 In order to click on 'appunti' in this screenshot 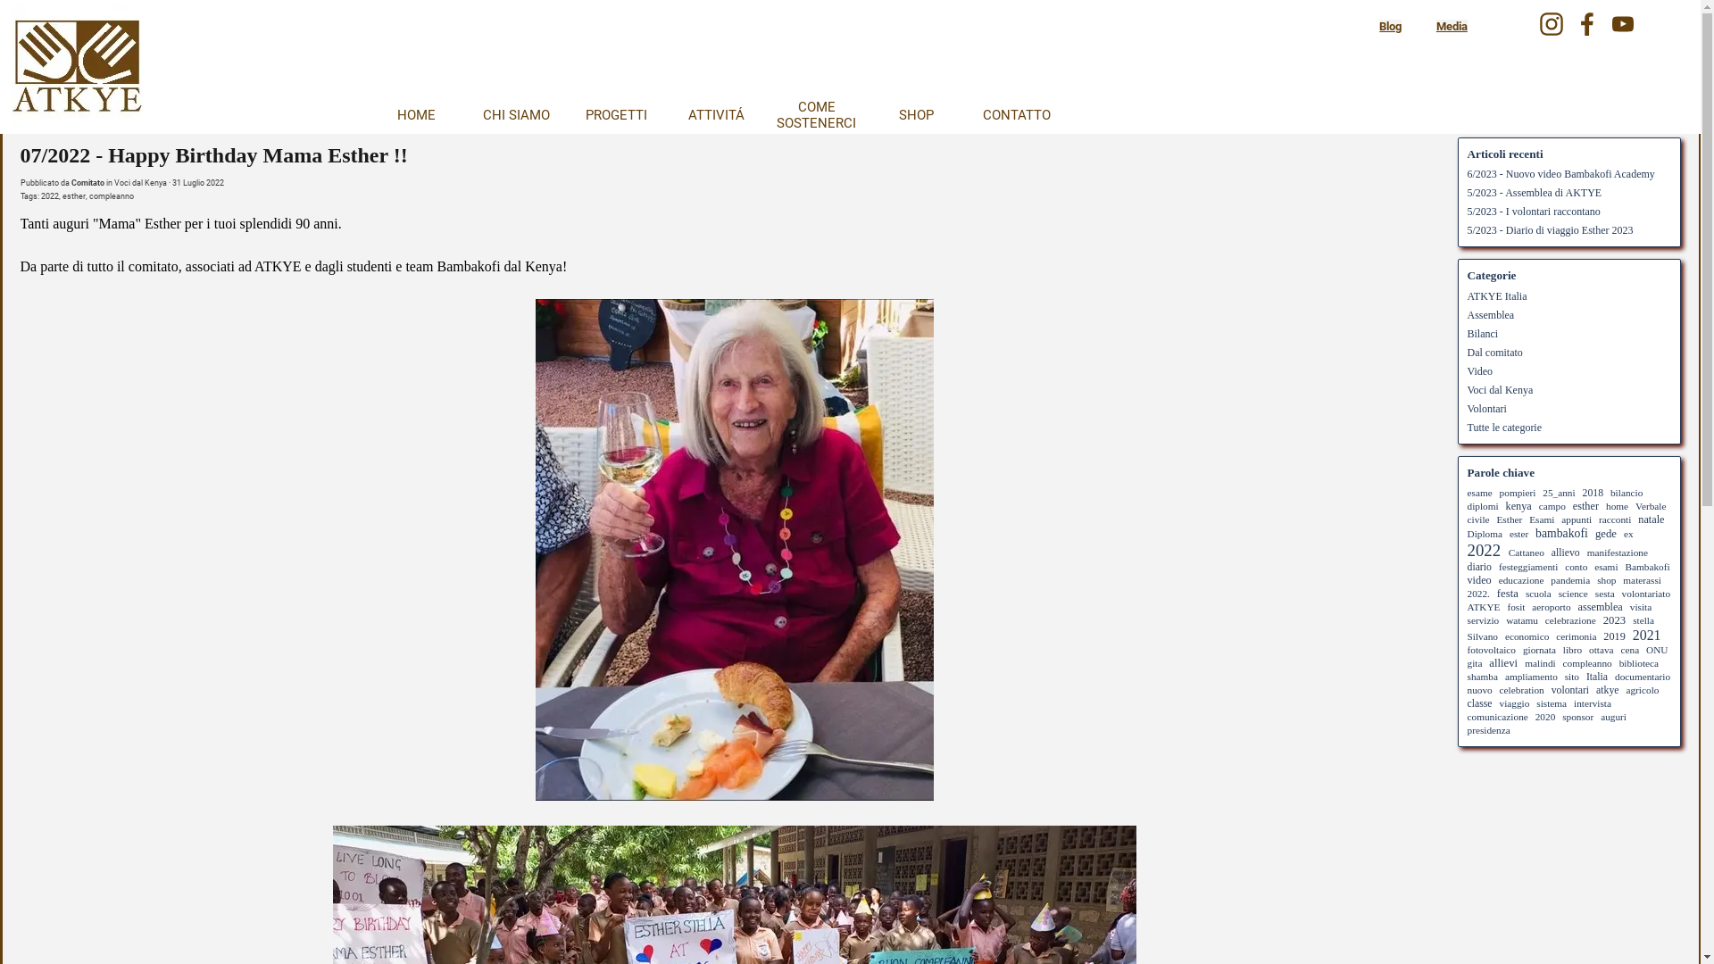, I will do `click(1560, 519)`.